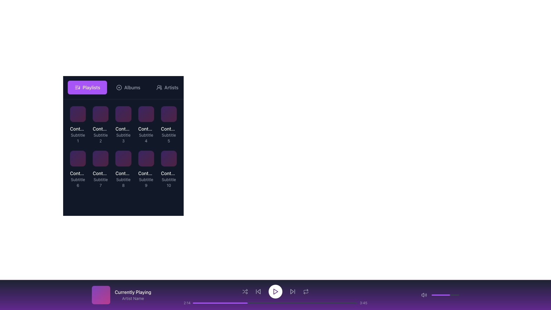  What do you see at coordinates (91, 87) in the screenshot?
I see `text label for the 'Playlists' navigation button, which indicates its purpose for accessing Playlist-related data` at bounding box center [91, 87].